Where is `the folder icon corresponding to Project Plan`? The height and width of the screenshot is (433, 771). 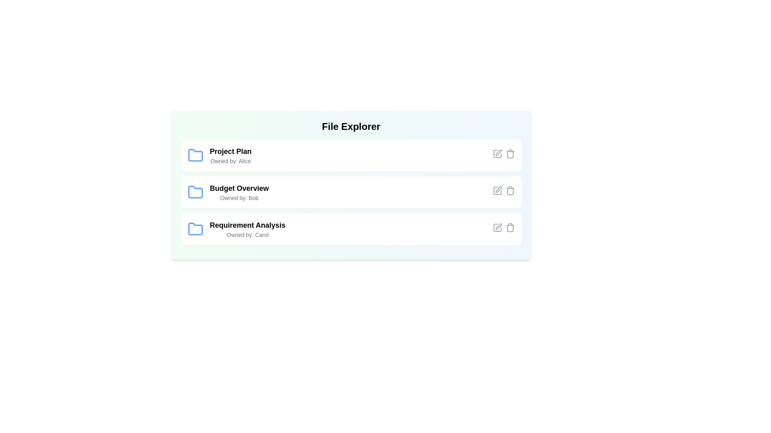
the folder icon corresponding to Project Plan is located at coordinates (195, 156).